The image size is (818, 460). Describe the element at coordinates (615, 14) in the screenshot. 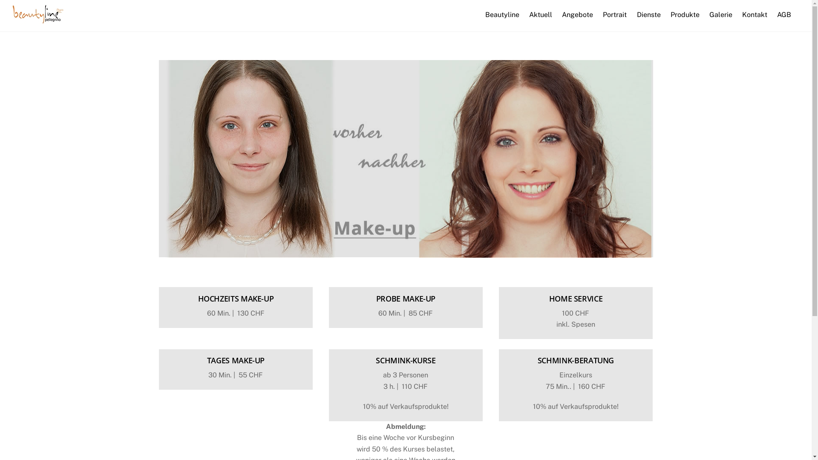

I see `'Portrait'` at that location.